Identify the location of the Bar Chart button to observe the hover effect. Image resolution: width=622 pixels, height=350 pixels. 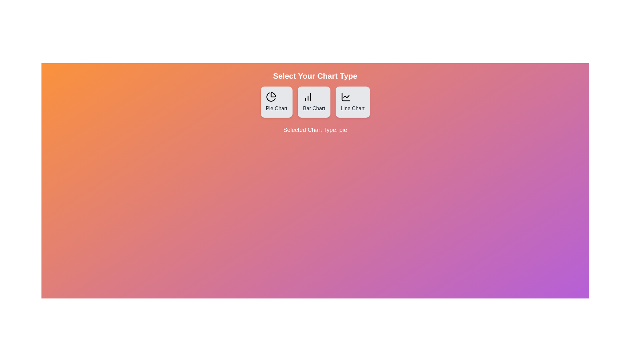
(314, 102).